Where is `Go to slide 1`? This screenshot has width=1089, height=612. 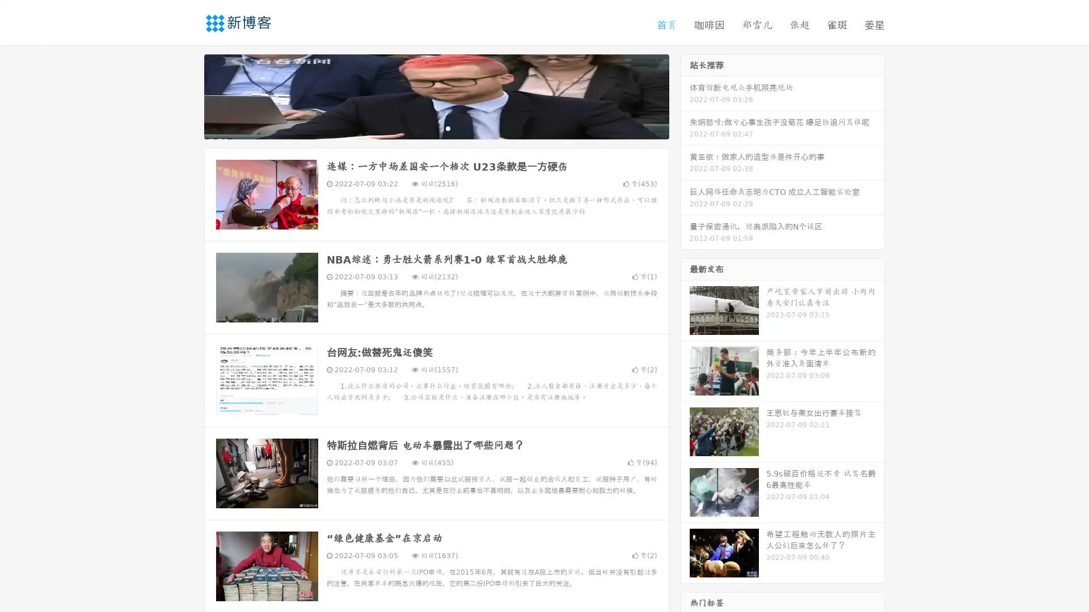 Go to slide 1 is located at coordinates (424, 127).